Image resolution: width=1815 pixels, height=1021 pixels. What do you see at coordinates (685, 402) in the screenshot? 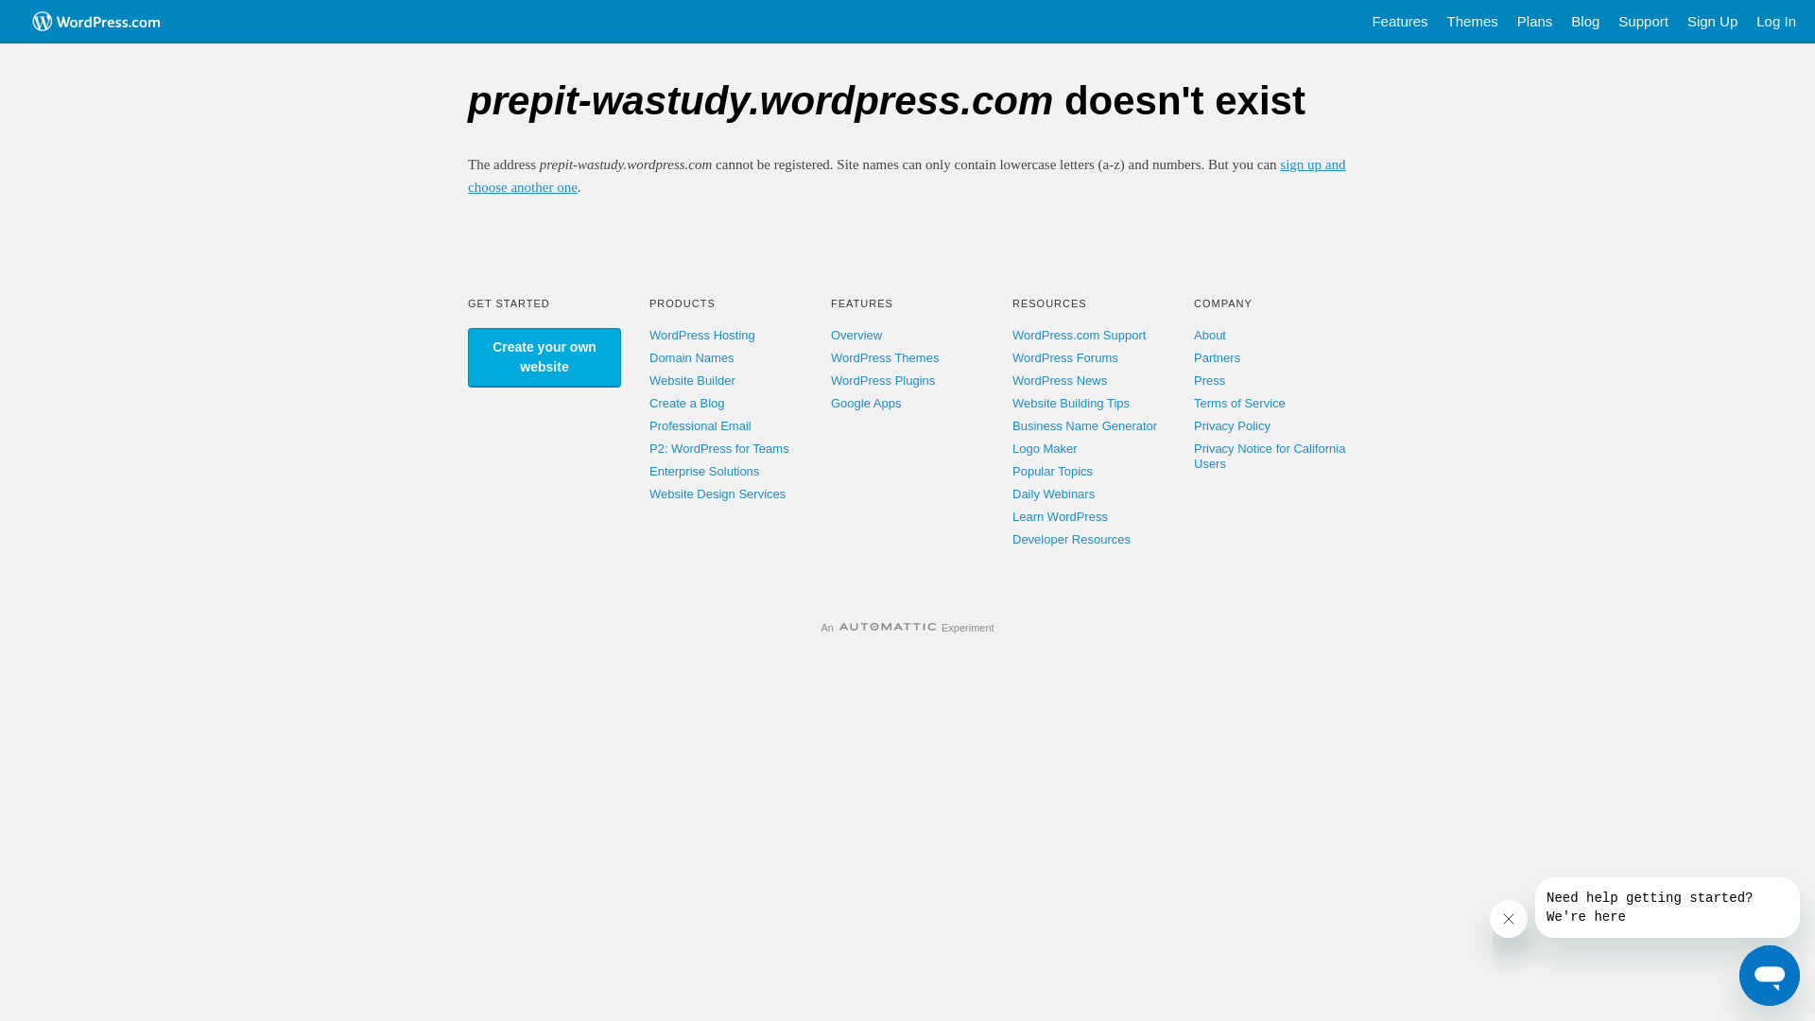
I see `'Create a Blog'` at bounding box center [685, 402].